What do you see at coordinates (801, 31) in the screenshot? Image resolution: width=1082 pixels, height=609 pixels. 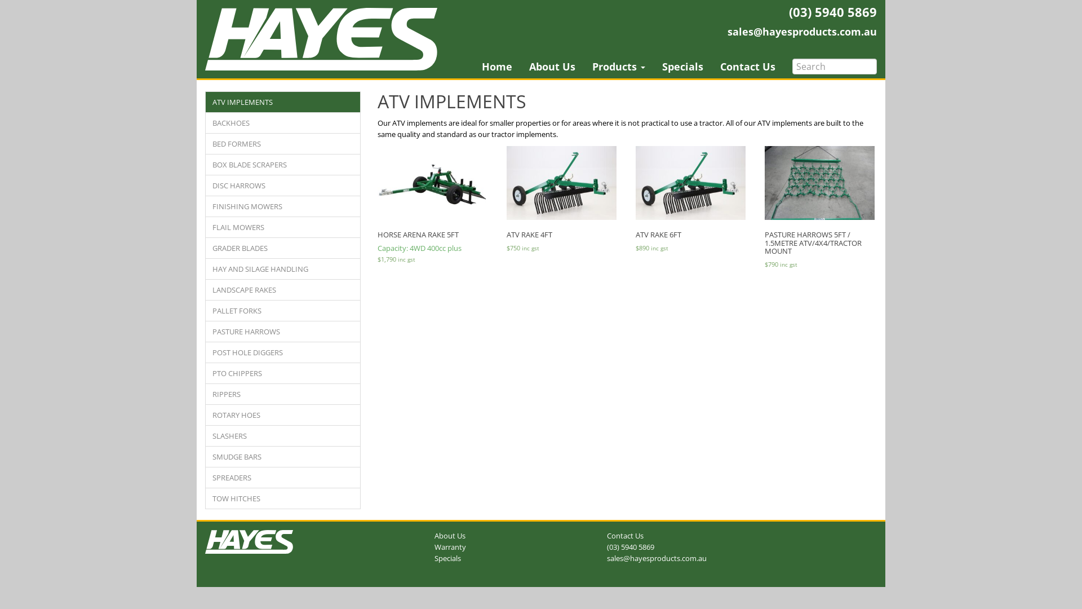 I see `'Email` at bounding box center [801, 31].